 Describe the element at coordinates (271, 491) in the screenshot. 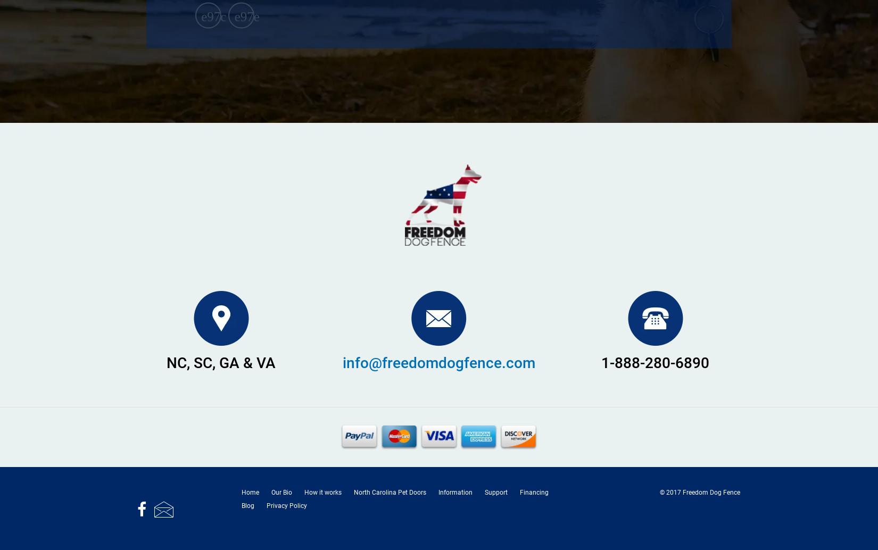

I see `'Our Bio'` at that location.